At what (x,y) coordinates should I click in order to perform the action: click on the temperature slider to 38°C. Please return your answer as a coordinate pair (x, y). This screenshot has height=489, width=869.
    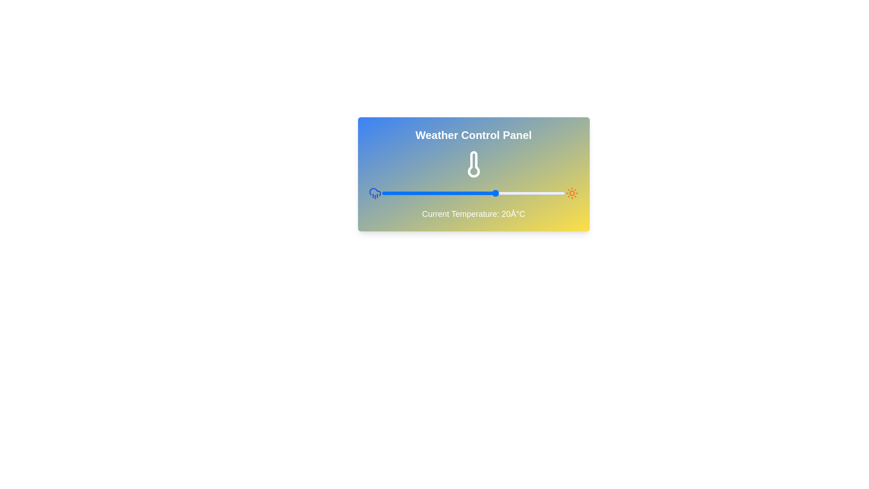
    Looking at the image, I should click on (538, 193).